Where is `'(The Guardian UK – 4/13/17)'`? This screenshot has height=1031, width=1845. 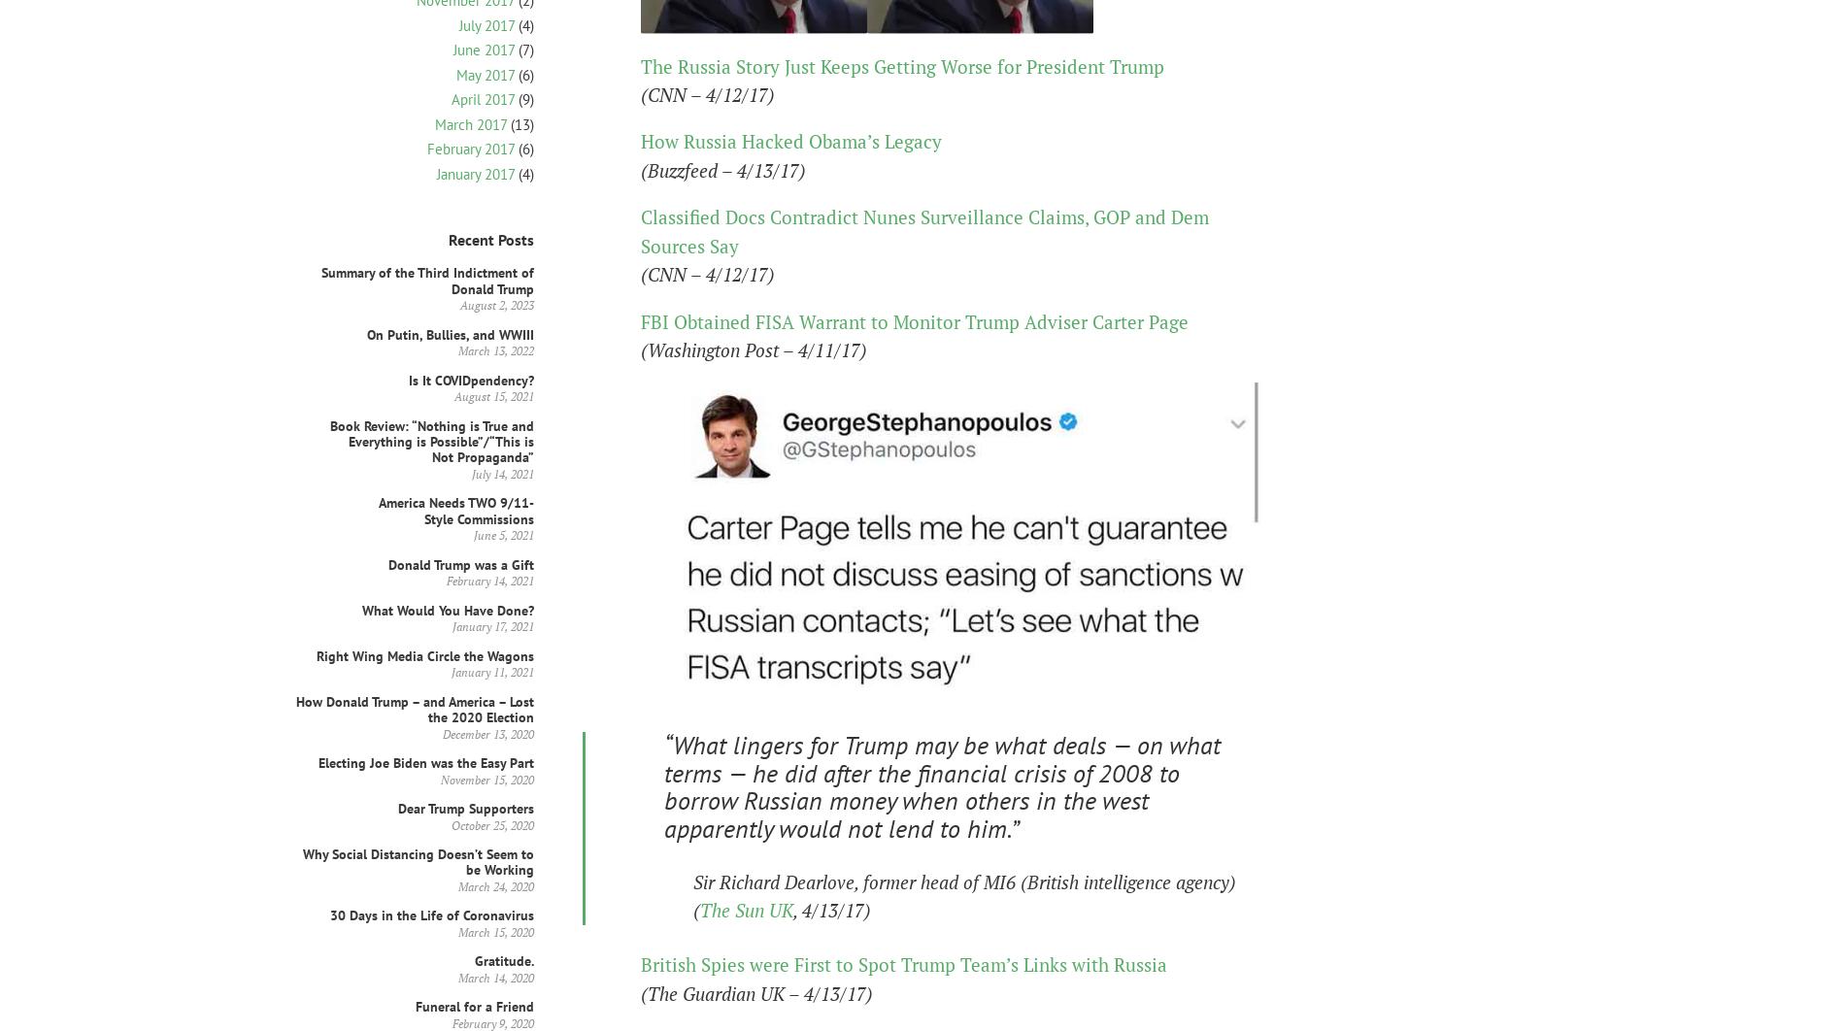
'(The Guardian UK – 4/13/17)' is located at coordinates (641, 991).